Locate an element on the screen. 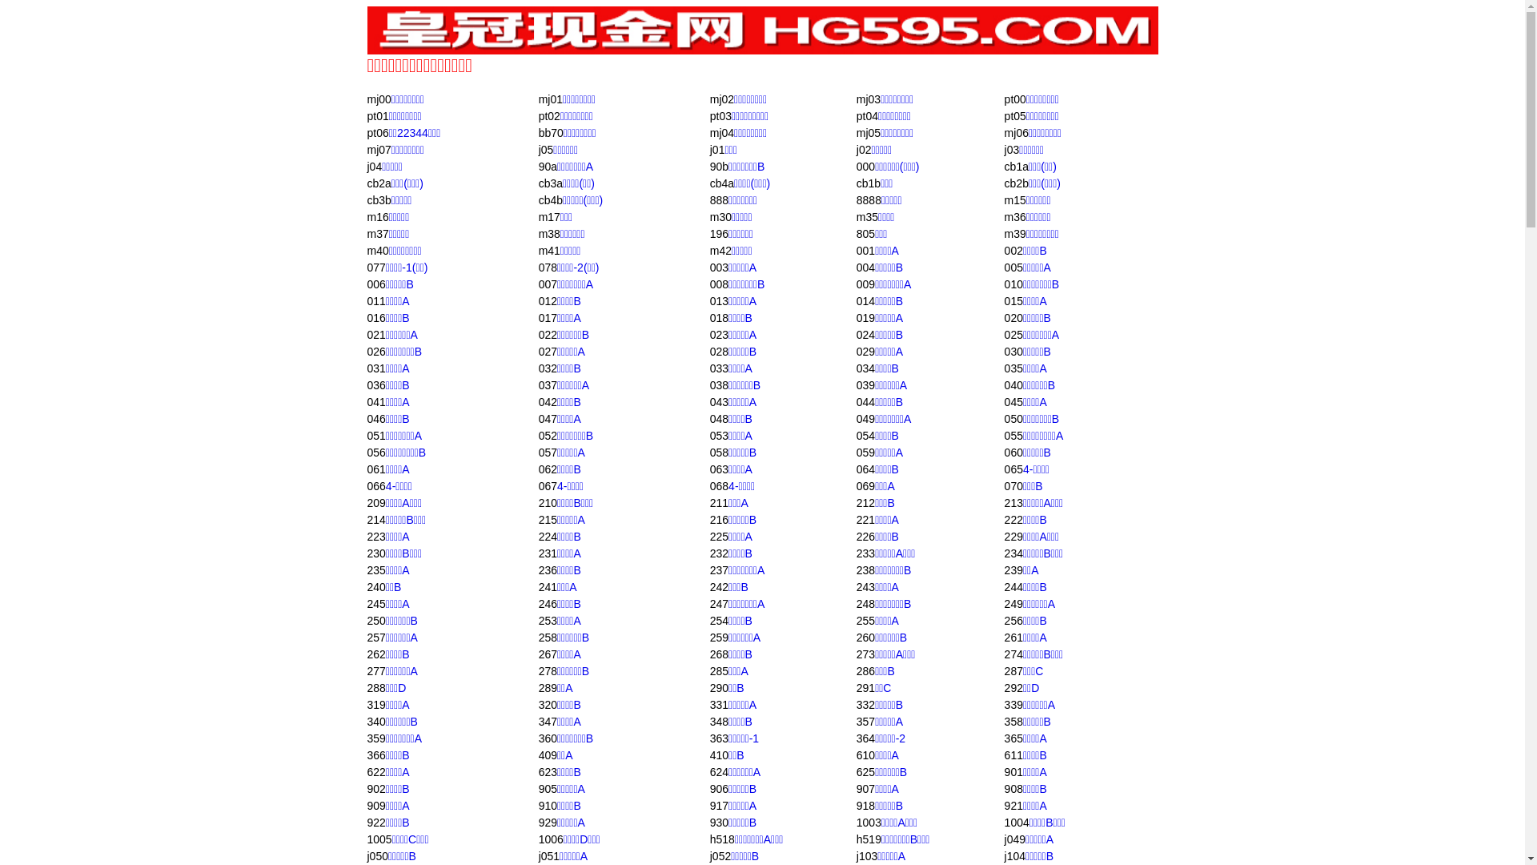  '067' is located at coordinates (548, 485).